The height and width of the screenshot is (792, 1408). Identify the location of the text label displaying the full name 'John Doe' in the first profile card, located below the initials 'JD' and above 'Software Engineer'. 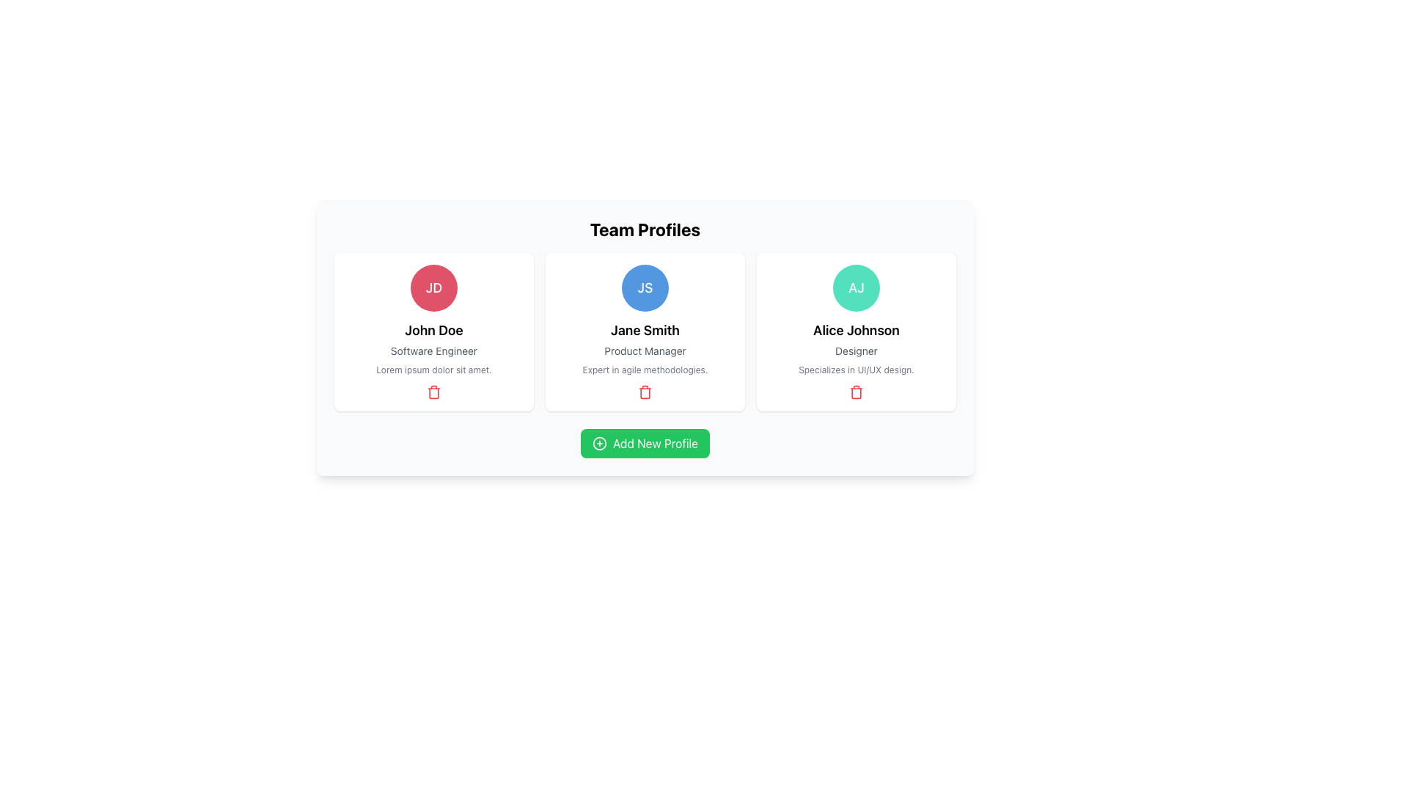
(433, 331).